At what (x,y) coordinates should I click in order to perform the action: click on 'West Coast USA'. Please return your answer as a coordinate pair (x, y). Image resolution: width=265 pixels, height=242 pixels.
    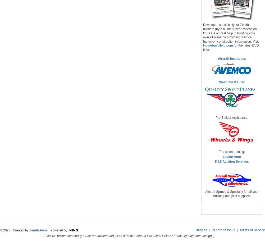
    Looking at the image, I should click on (231, 82).